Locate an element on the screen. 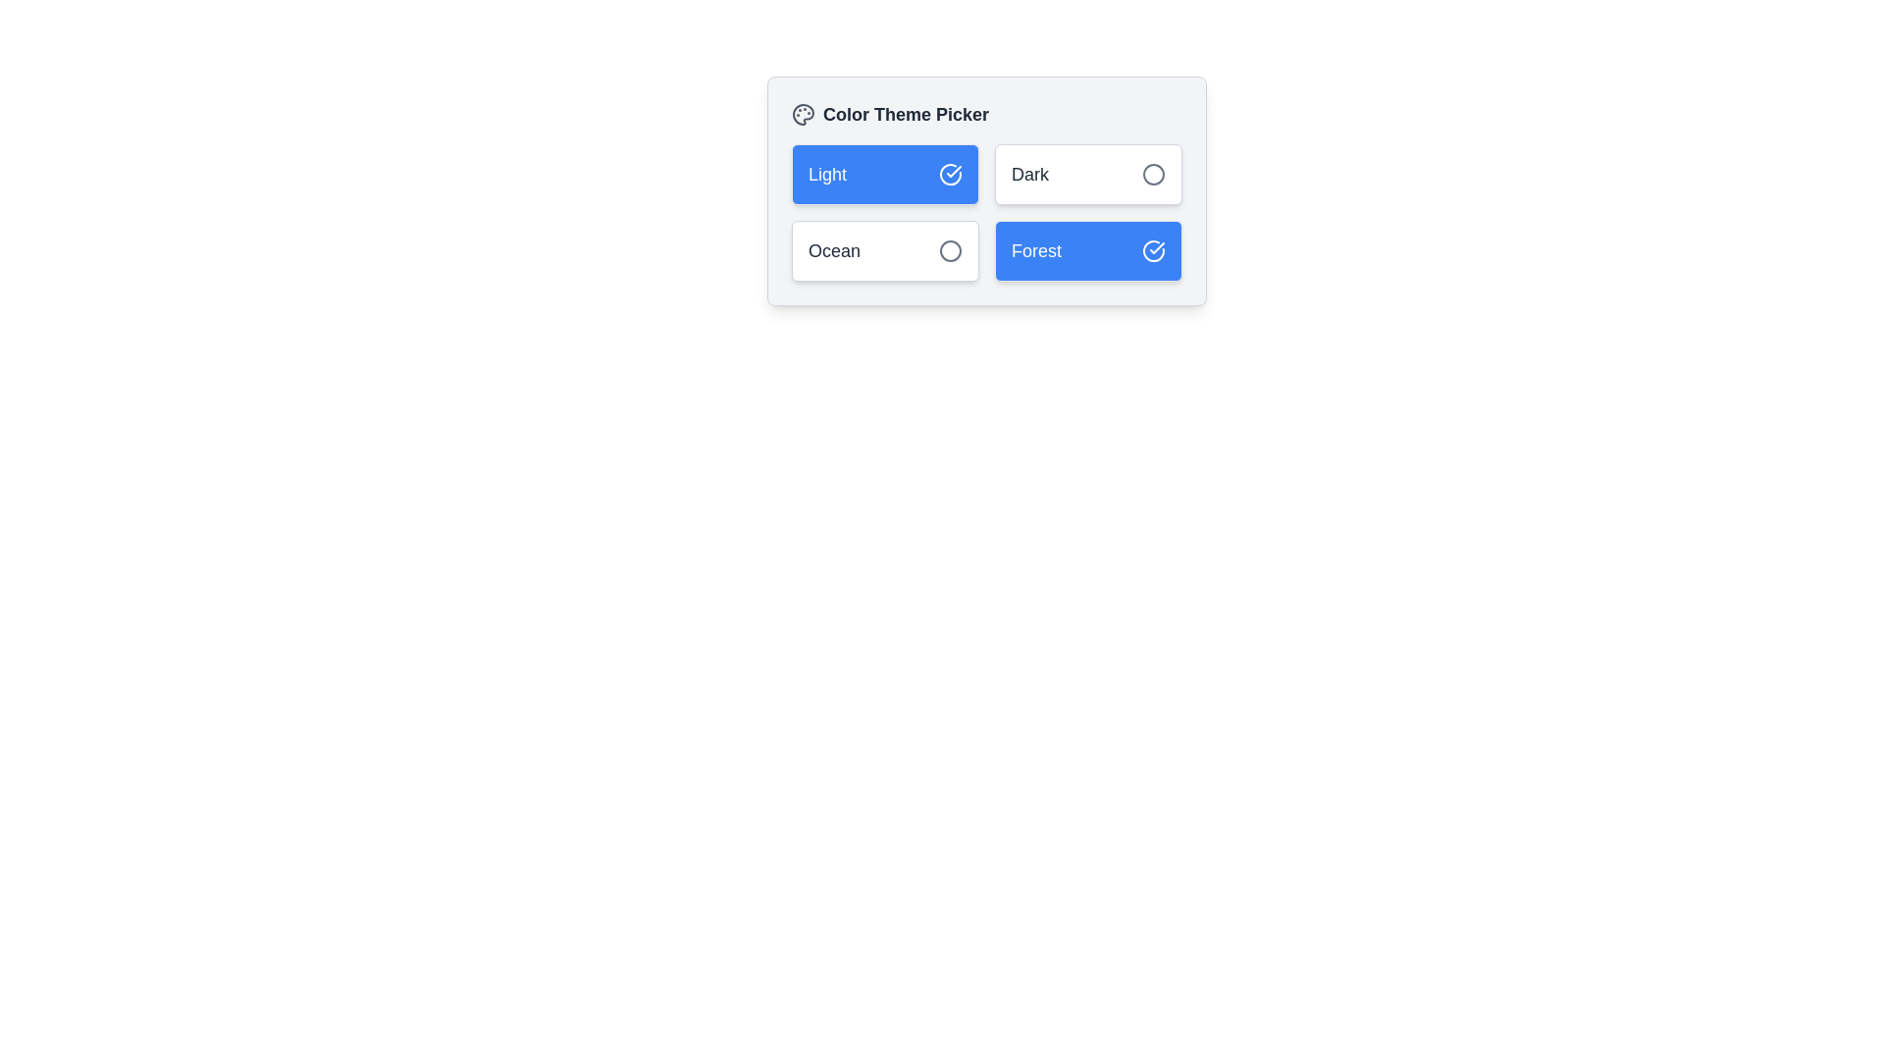  the button labeled Light to observe visual feedback is located at coordinates (884, 173).